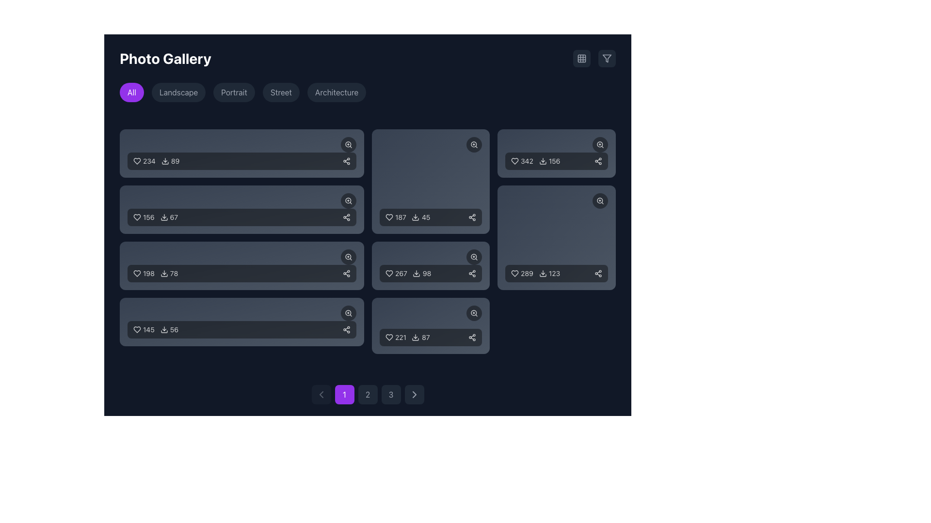  What do you see at coordinates (474, 256) in the screenshot?
I see `the small circular element of the 'zoom in' SVG icon located in the fourth interactive tile of the third row in the gallery layout` at bounding box center [474, 256].